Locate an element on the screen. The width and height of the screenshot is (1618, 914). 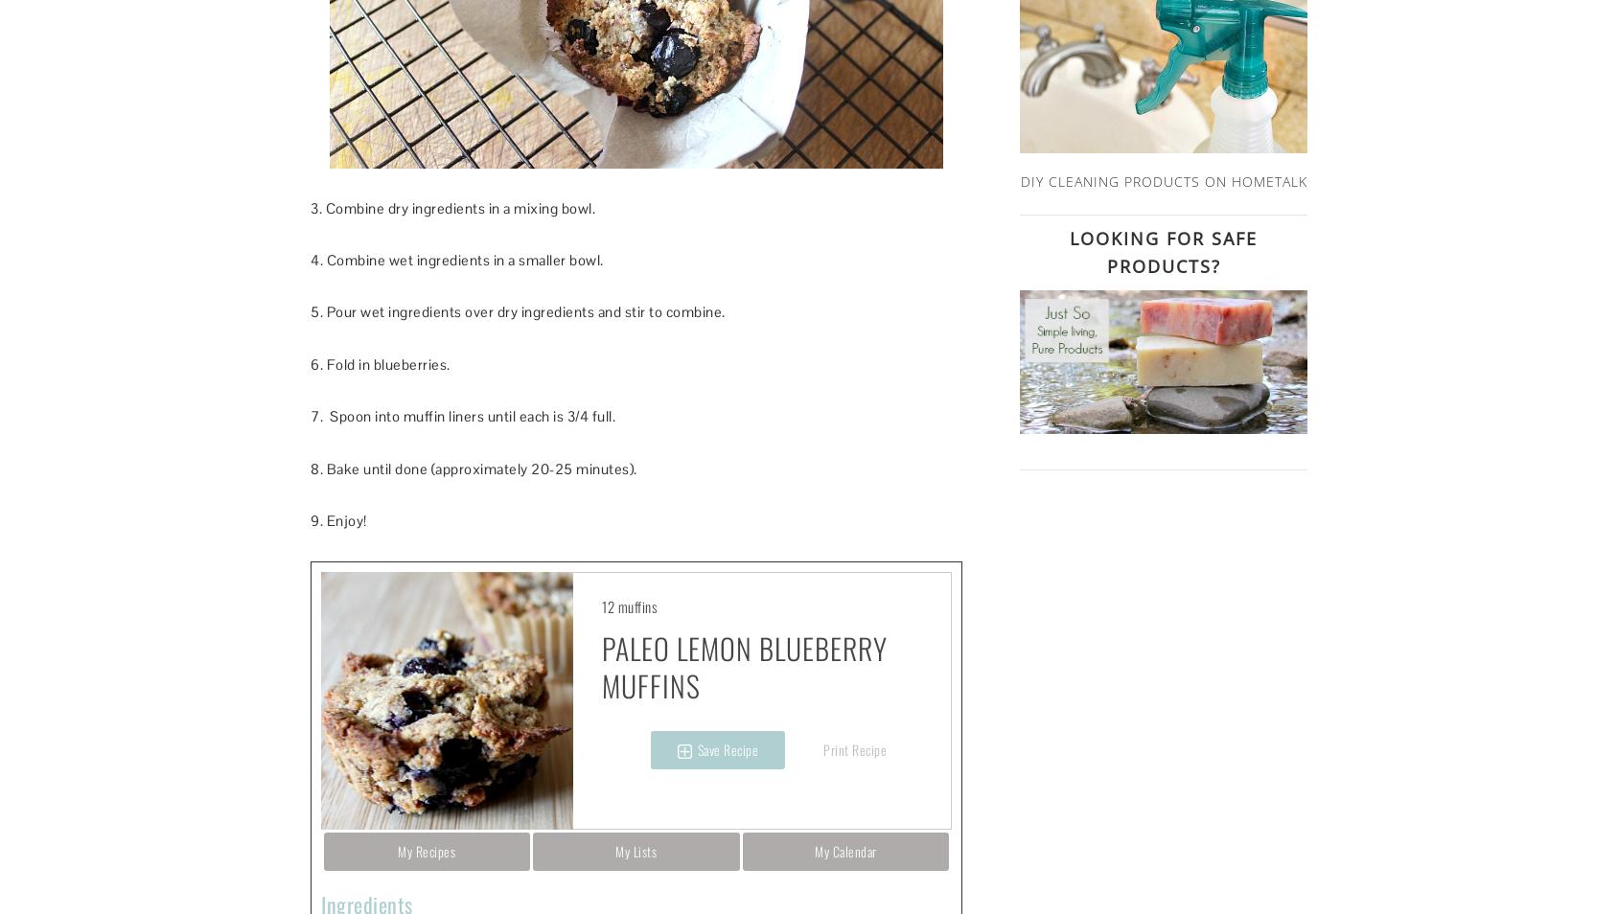
'12 muffins' is located at coordinates (628, 605).